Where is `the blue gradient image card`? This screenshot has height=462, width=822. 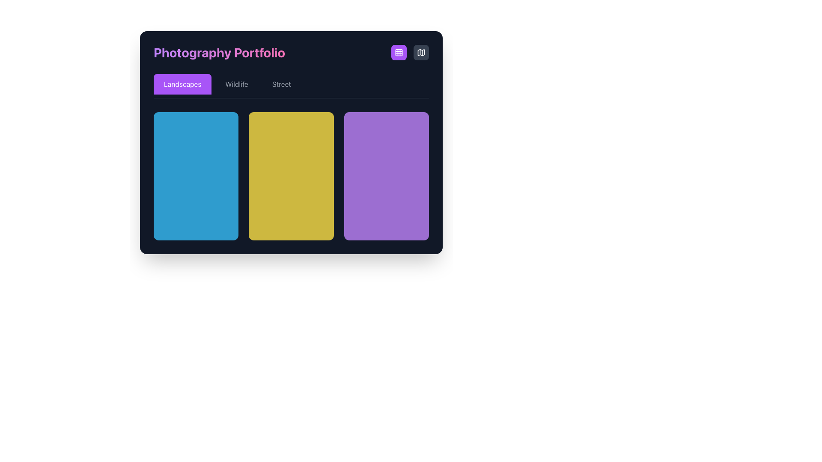 the blue gradient image card is located at coordinates (196, 176).